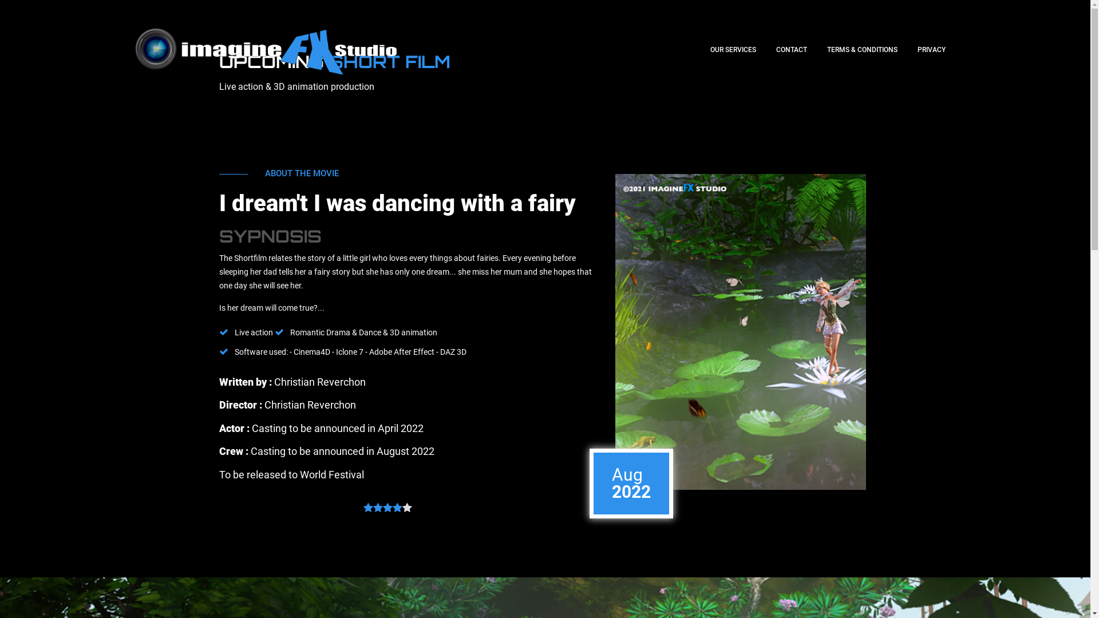 This screenshot has width=1099, height=618. Describe the element at coordinates (931, 49) in the screenshot. I see `'PRIVACY'` at that location.